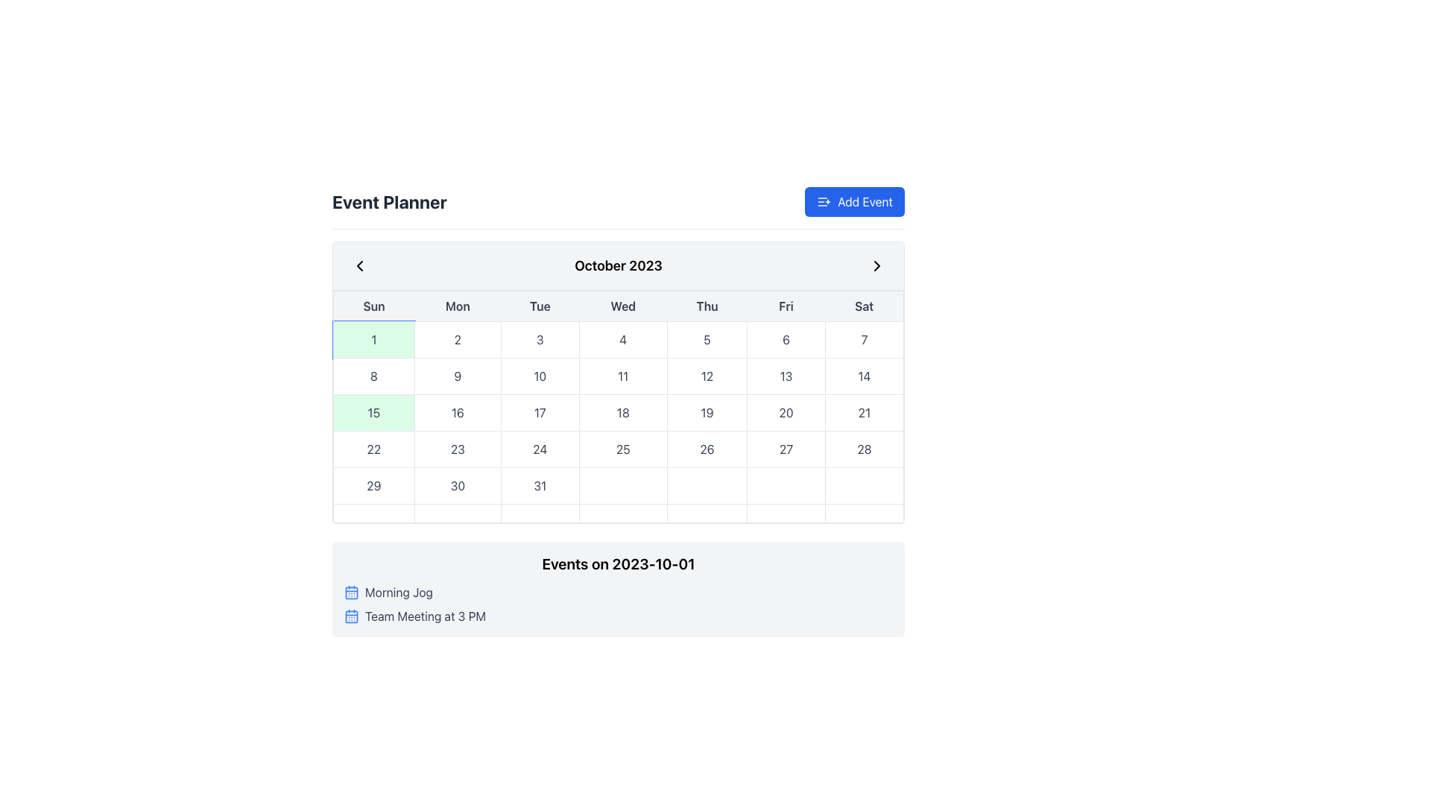 The image size is (1431, 805). Describe the element at coordinates (619, 376) in the screenshot. I see `the Calendar Day Item representing the day '11'` at that location.